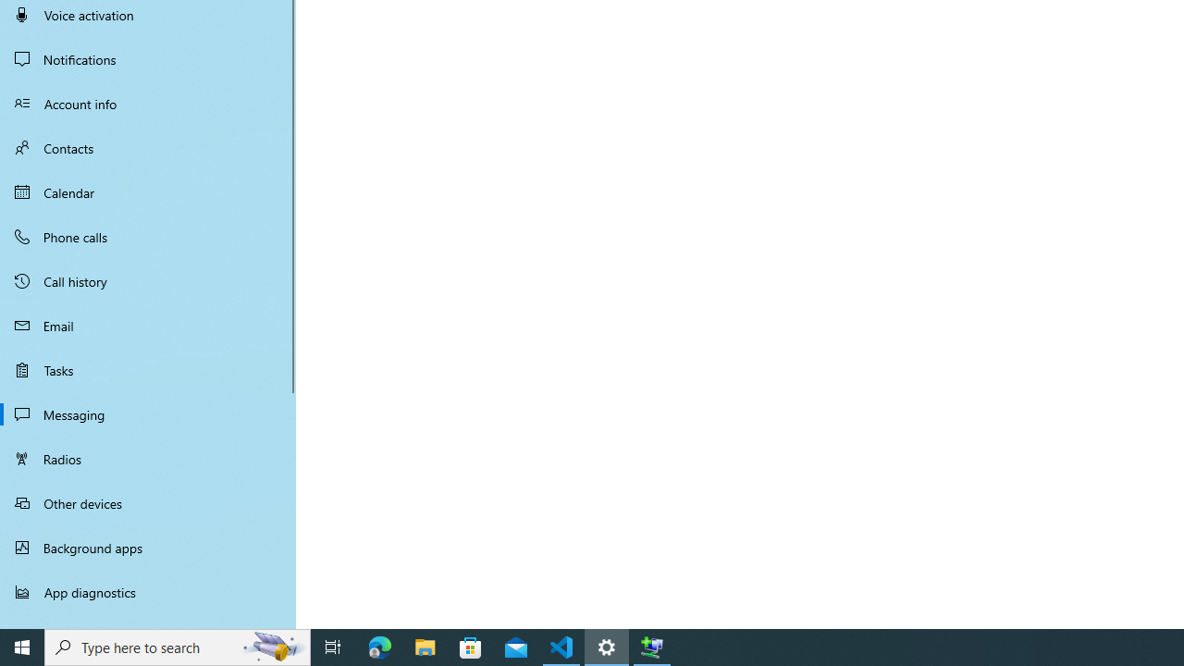 The image size is (1184, 666). Describe the element at coordinates (148, 58) in the screenshot. I see `'Notifications'` at that location.